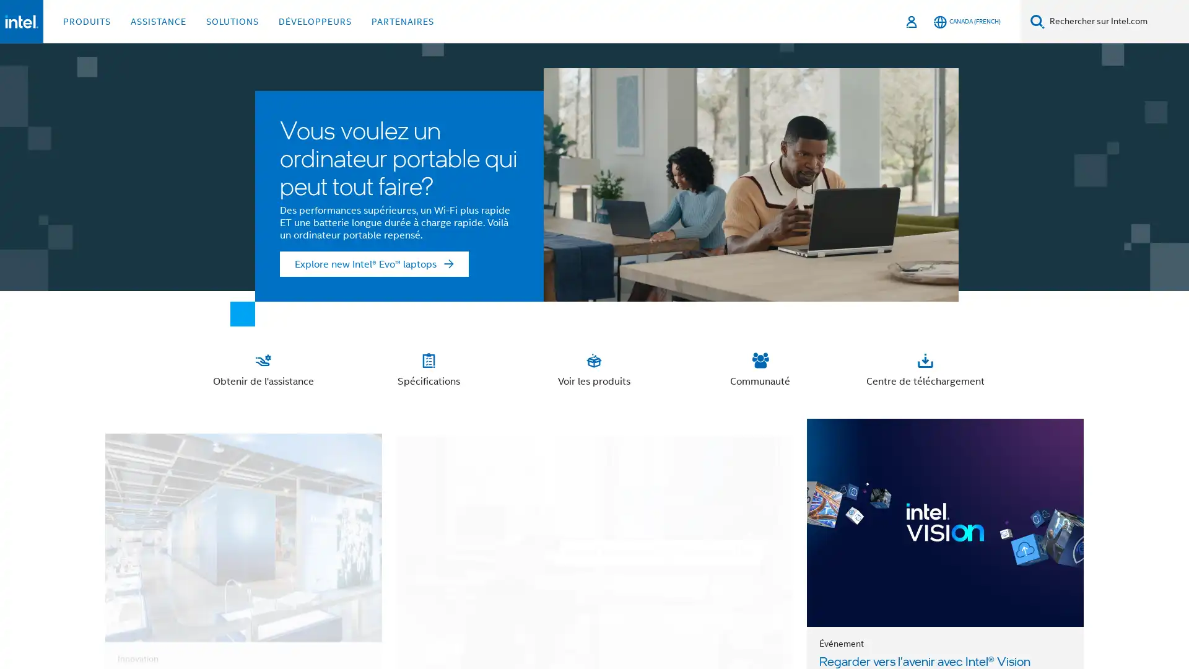 This screenshot has width=1189, height=669. What do you see at coordinates (912, 21) in the screenshot?
I see `Se connecter` at bounding box center [912, 21].